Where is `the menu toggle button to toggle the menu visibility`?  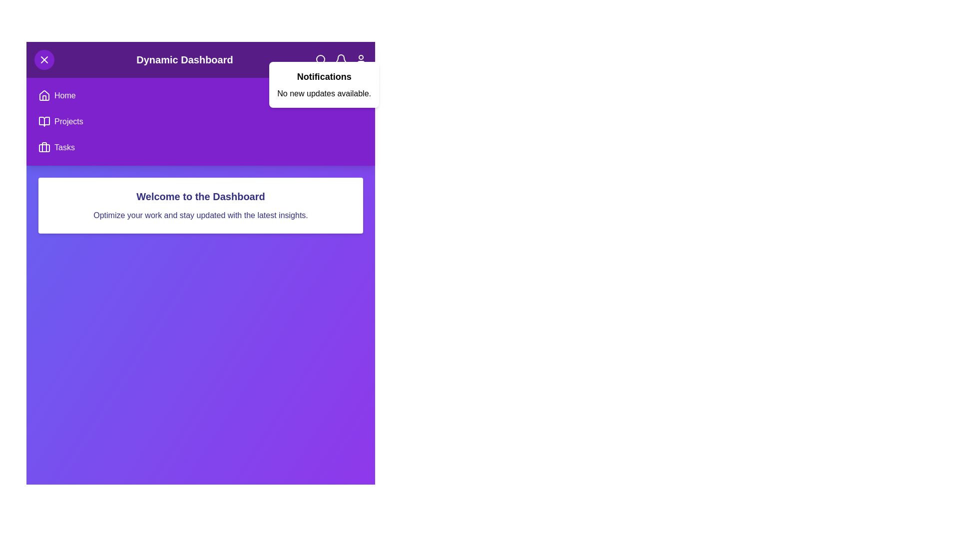
the menu toggle button to toggle the menu visibility is located at coordinates (44, 59).